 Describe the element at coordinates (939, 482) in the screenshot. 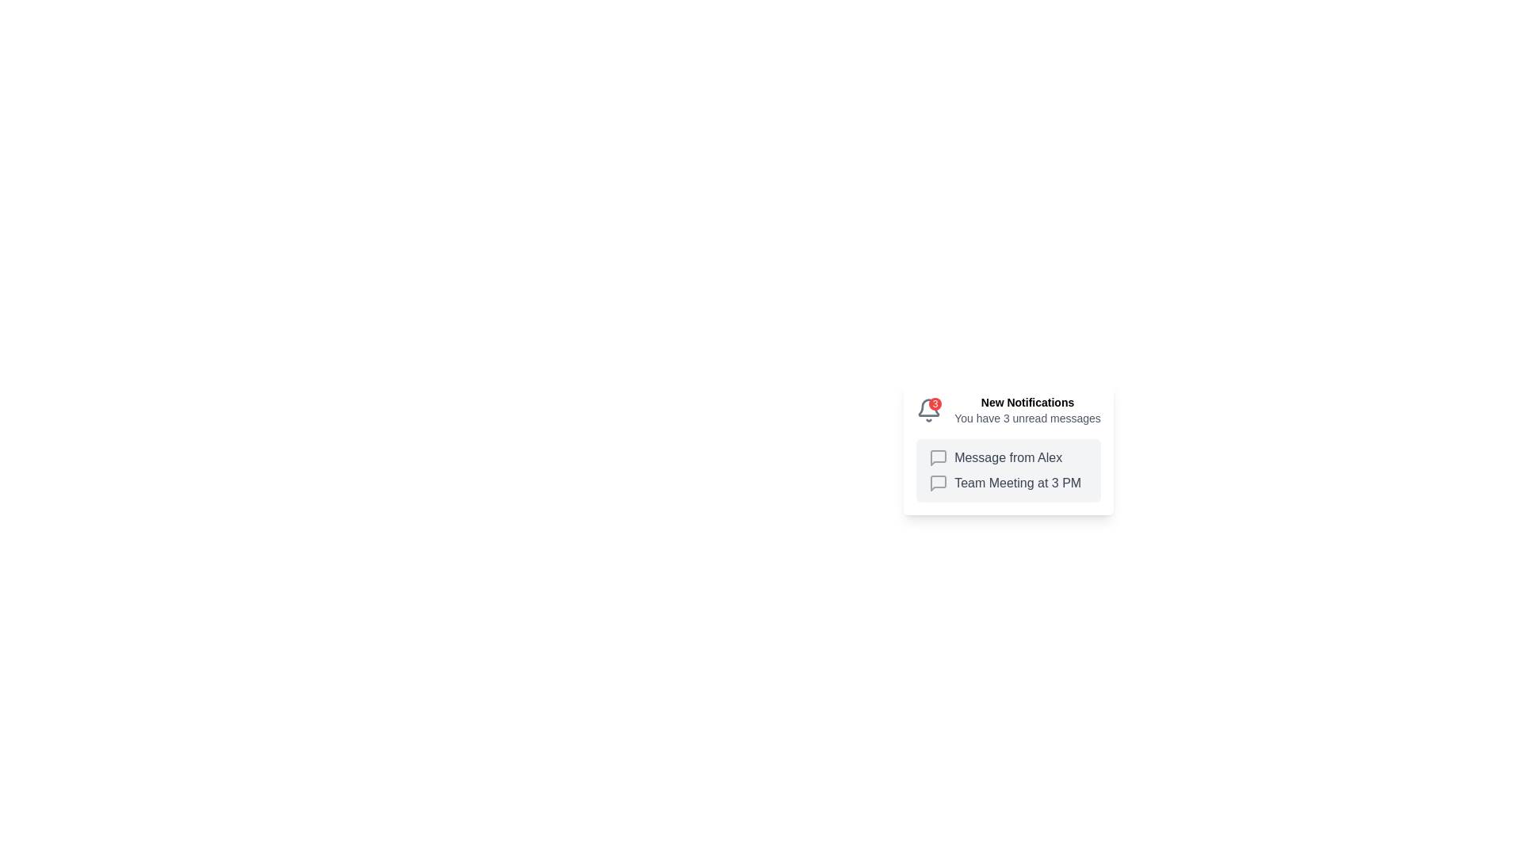

I see `the small gray-toned speech bubble icon located within the notification card for 'Team Meeting at 3 PM', positioned to the left of the meeting details text` at that location.